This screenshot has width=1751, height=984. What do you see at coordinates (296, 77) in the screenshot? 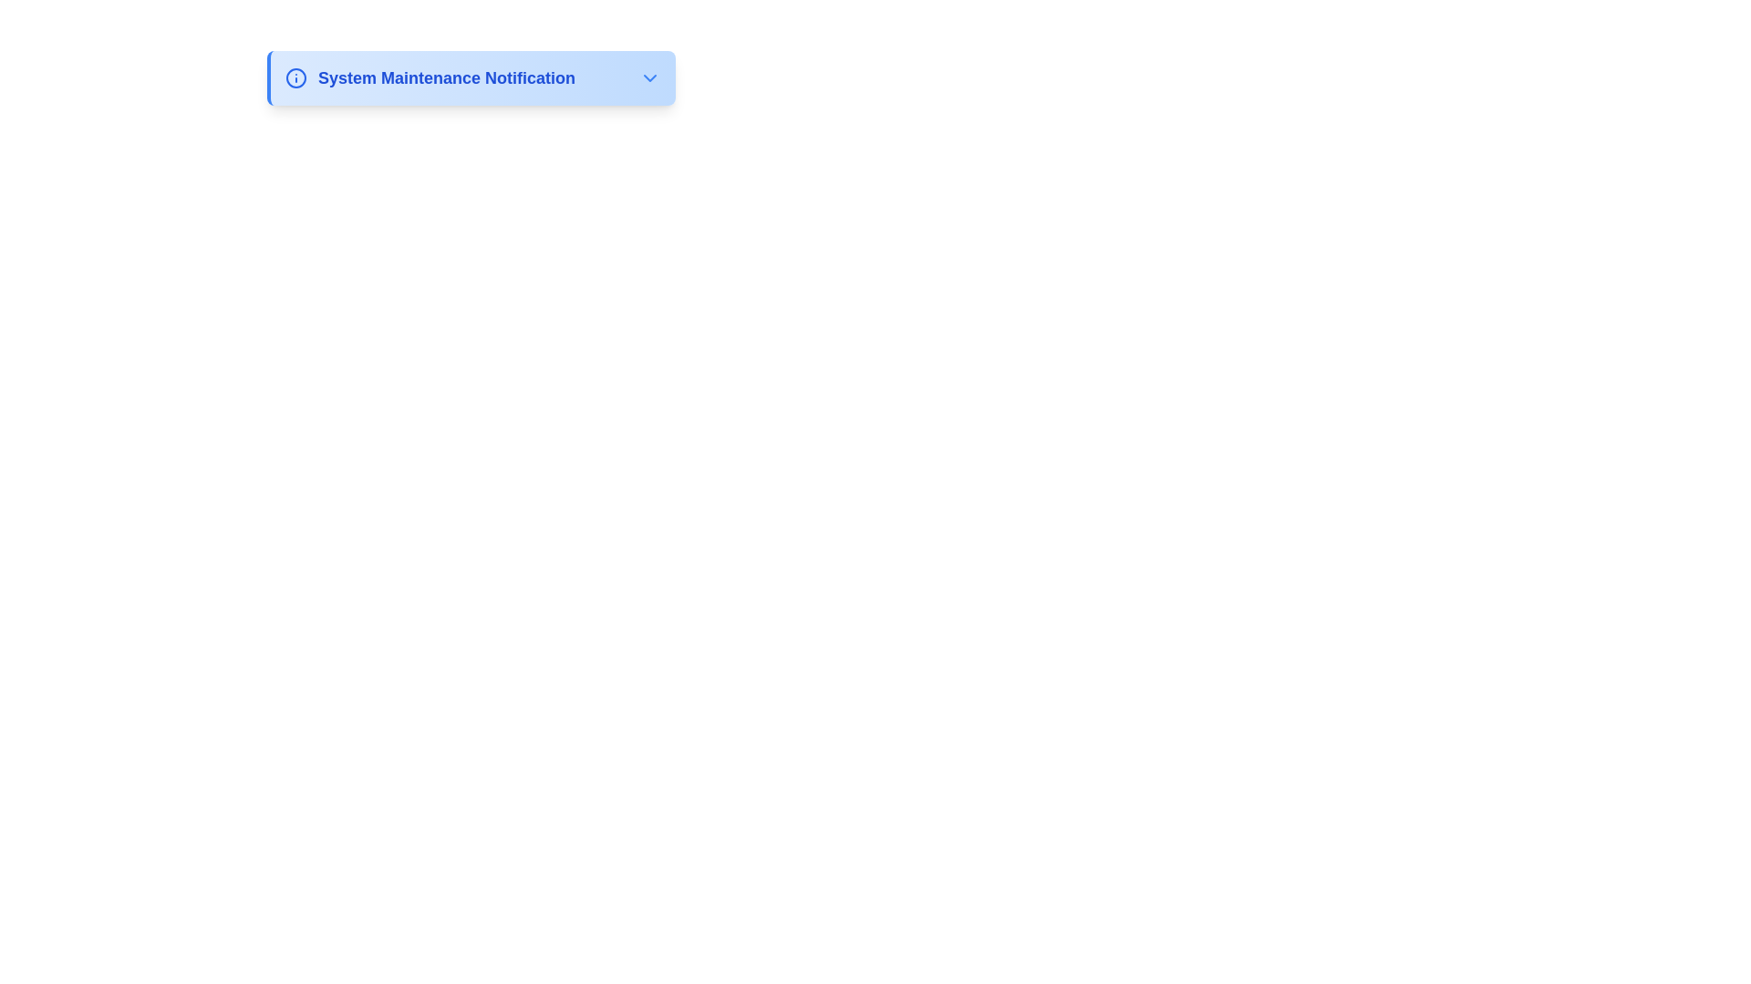
I see `the informational icon to view additional details` at bounding box center [296, 77].